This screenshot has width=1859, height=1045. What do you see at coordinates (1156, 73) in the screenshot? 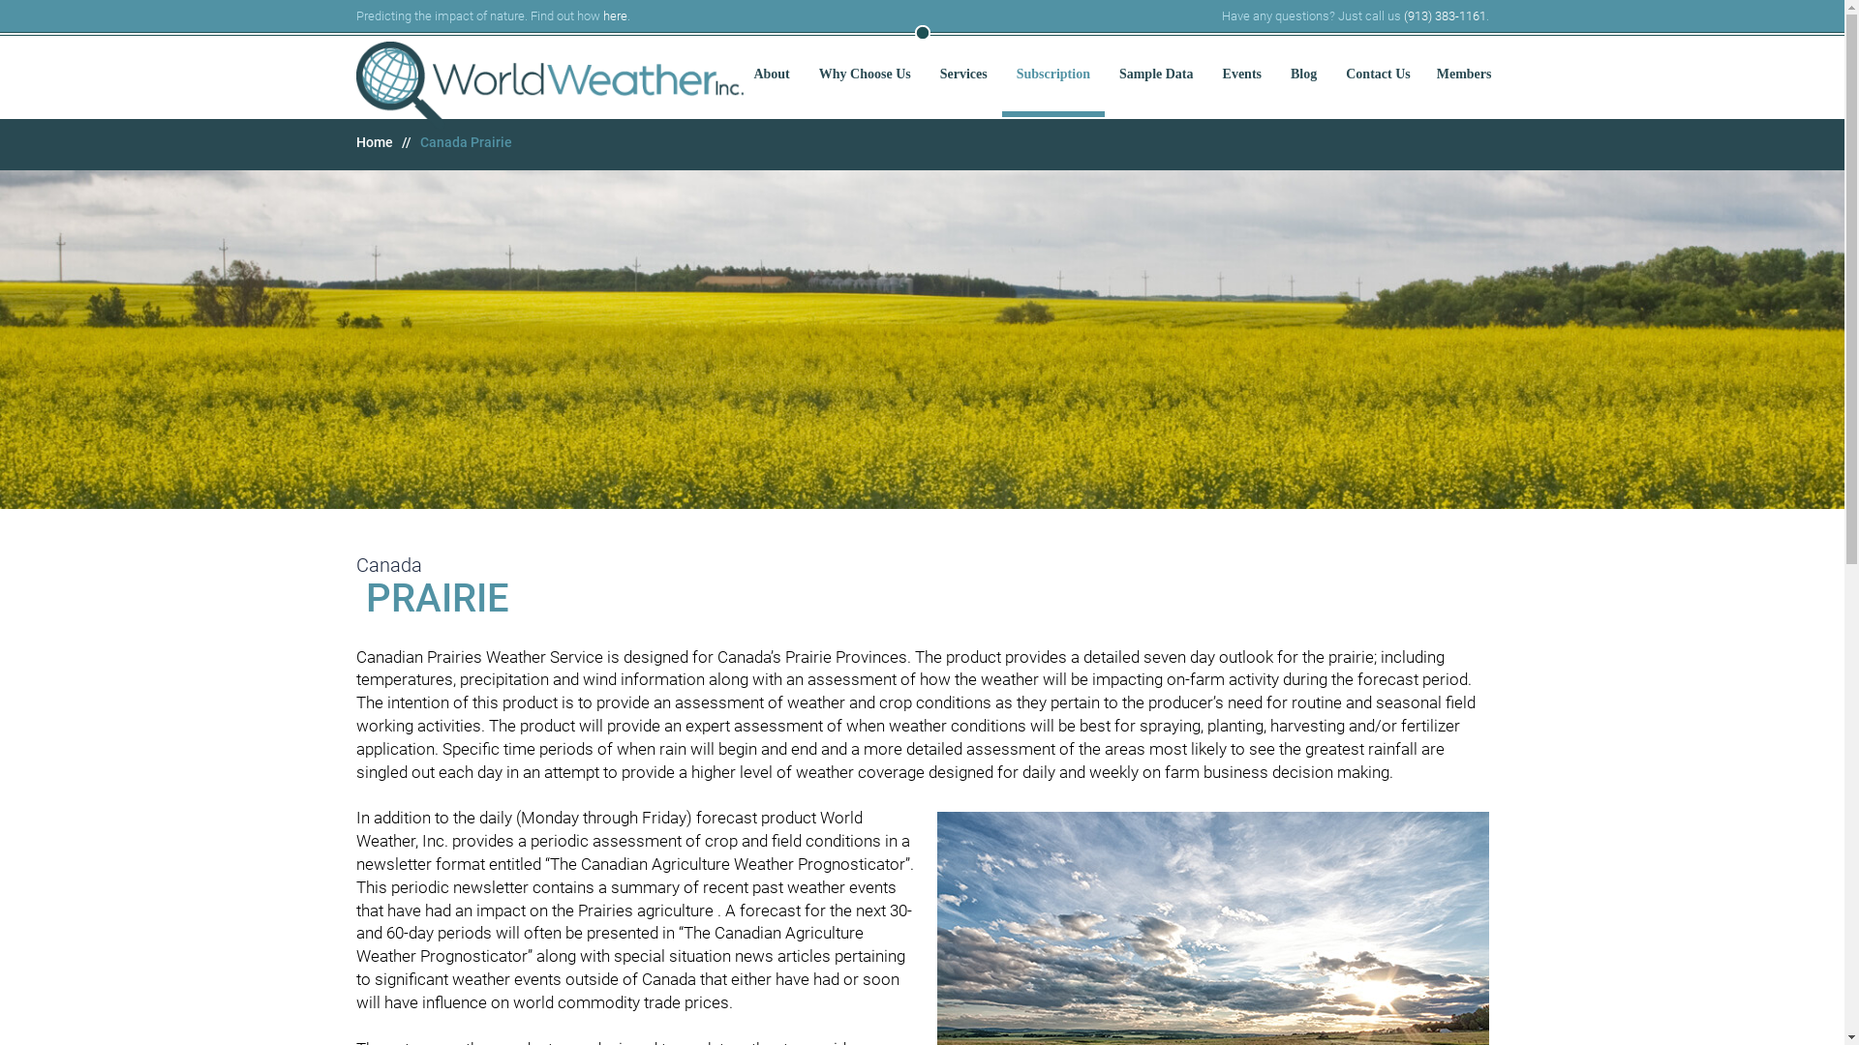
I see `'Sample Data'` at bounding box center [1156, 73].